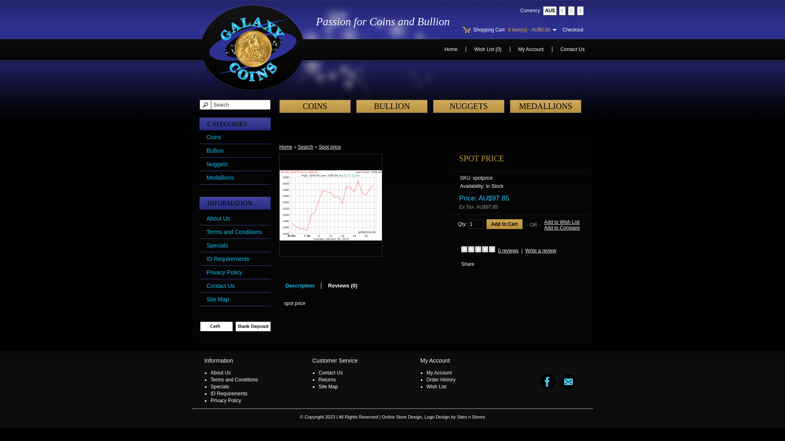  What do you see at coordinates (220, 177) in the screenshot?
I see `'Medallions'` at bounding box center [220, 177].